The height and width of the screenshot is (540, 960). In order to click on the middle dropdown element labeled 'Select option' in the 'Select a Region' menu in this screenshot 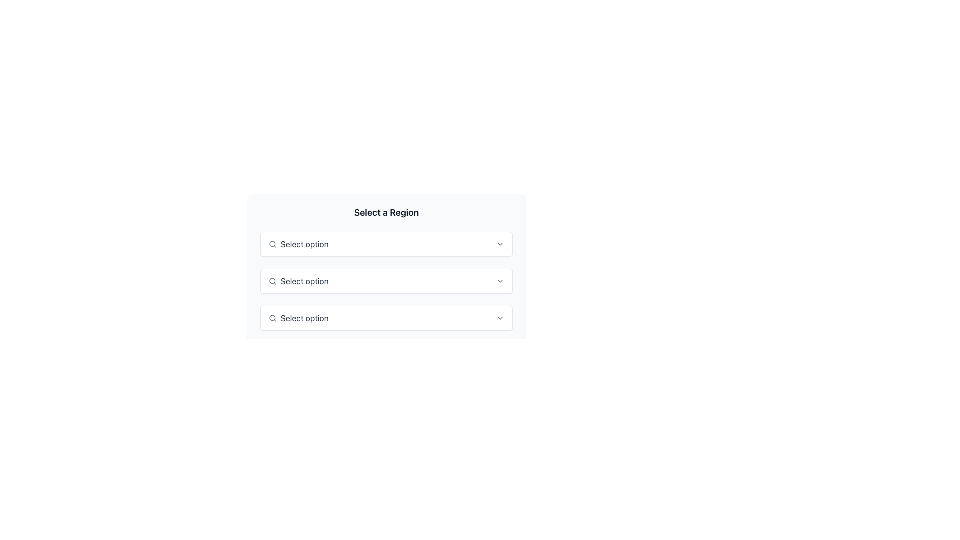, I will do `click(386, 283)`.